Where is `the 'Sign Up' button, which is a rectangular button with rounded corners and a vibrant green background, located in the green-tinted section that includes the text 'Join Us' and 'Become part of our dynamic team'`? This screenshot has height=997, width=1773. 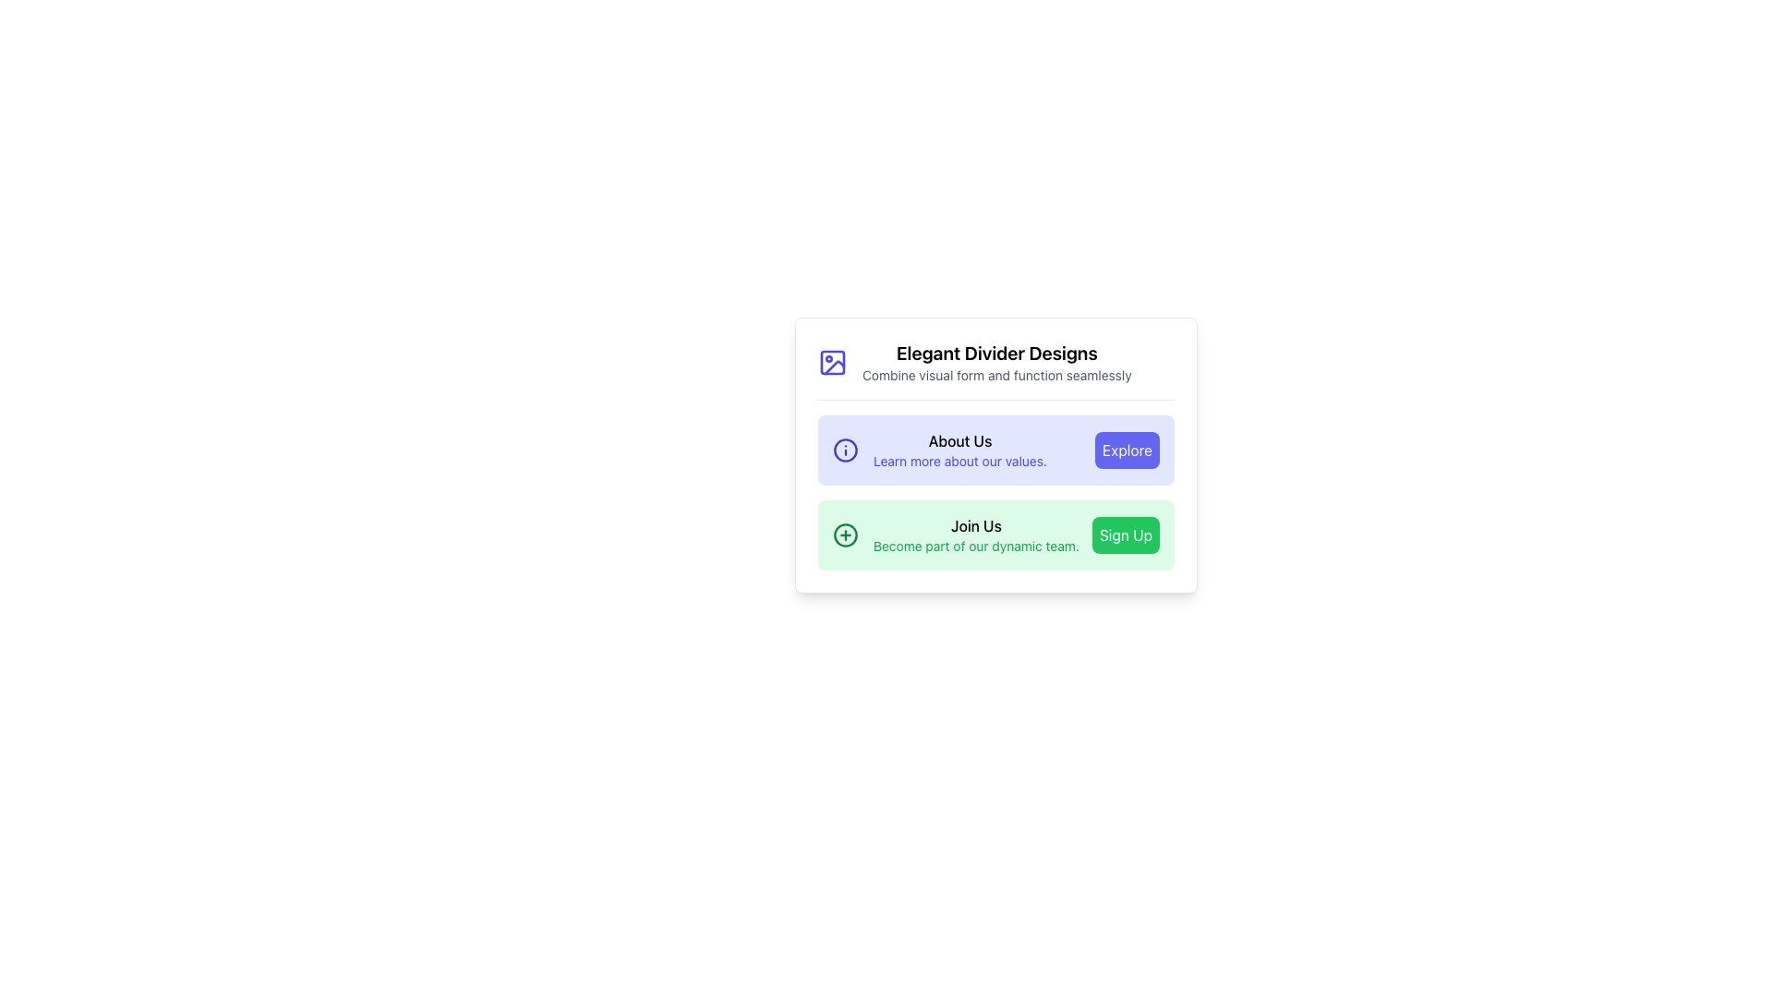
the 'Sign Up' button, which is a rectangular button with rounded corners and a vibrant green background, located in the green-tinted section that includes the text 'Join Us' and 'Become part of our dynamic team' is located at coordinates (1125, 535).